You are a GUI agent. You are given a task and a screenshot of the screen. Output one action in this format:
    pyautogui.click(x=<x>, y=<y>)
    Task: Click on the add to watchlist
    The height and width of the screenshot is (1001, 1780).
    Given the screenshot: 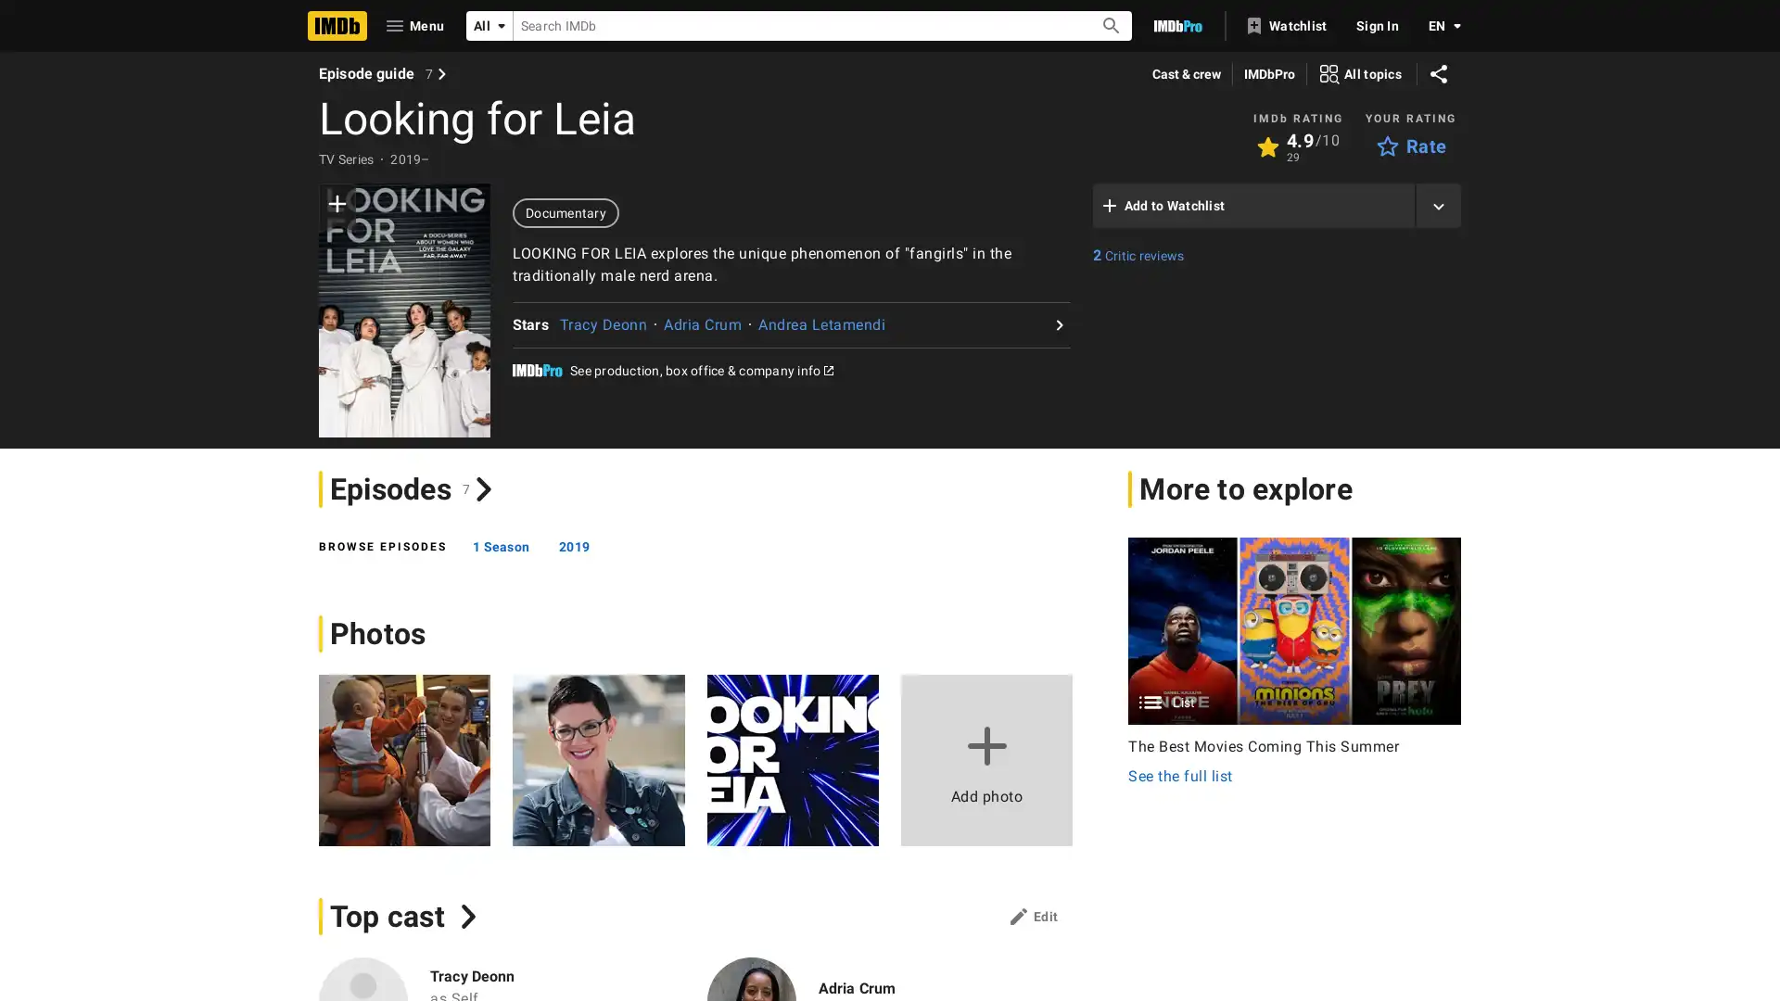 What is the action you would take?
    pyautogui.click(x=337, y=208)
    